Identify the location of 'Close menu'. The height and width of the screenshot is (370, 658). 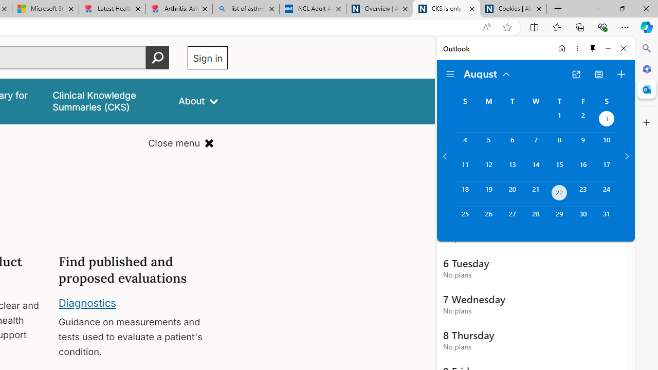
(181, 143).